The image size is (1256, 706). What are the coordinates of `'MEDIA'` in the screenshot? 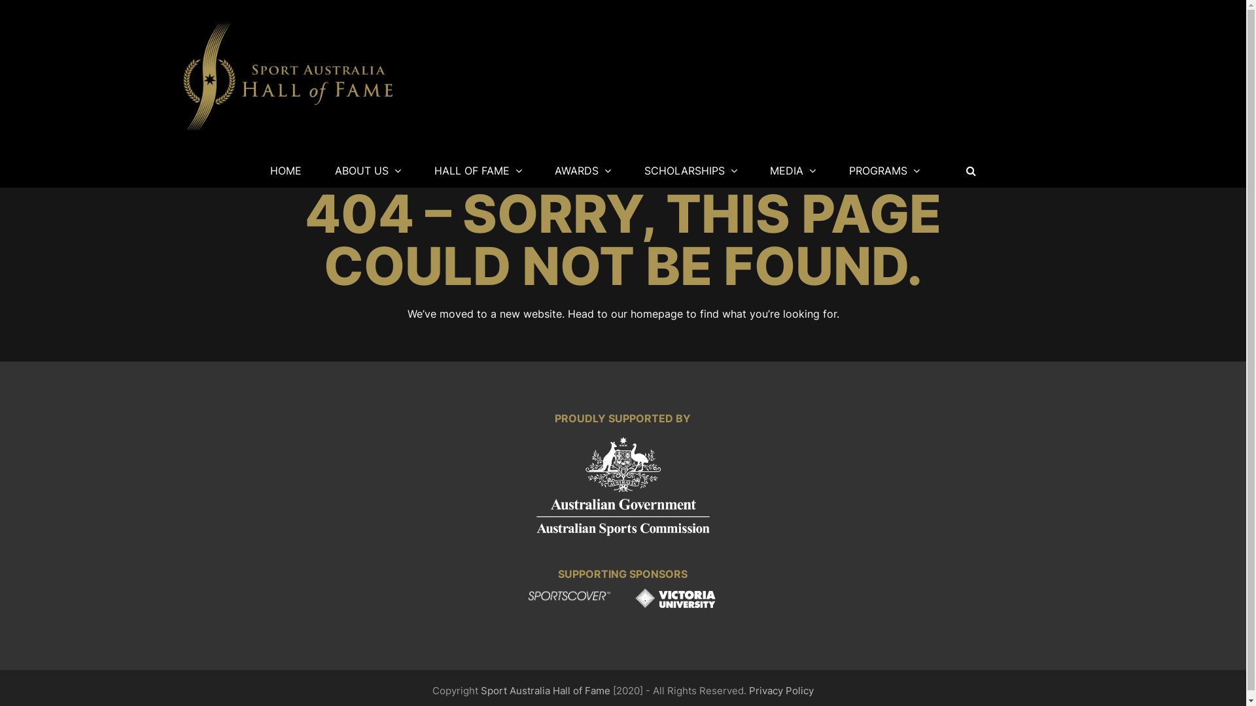 It's located at (793, 170).